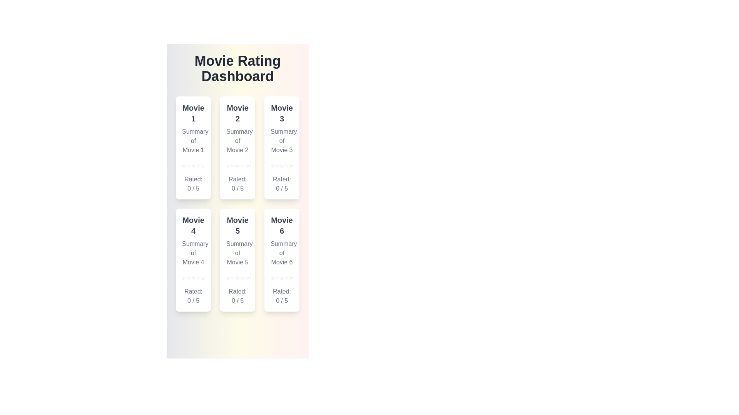 The width and height of the screenshot is (739, 415). What do you see at coordinates (281, 260) in the screenshot?
I see `the movie card for Movie 6` at bounding box center [281, 260].